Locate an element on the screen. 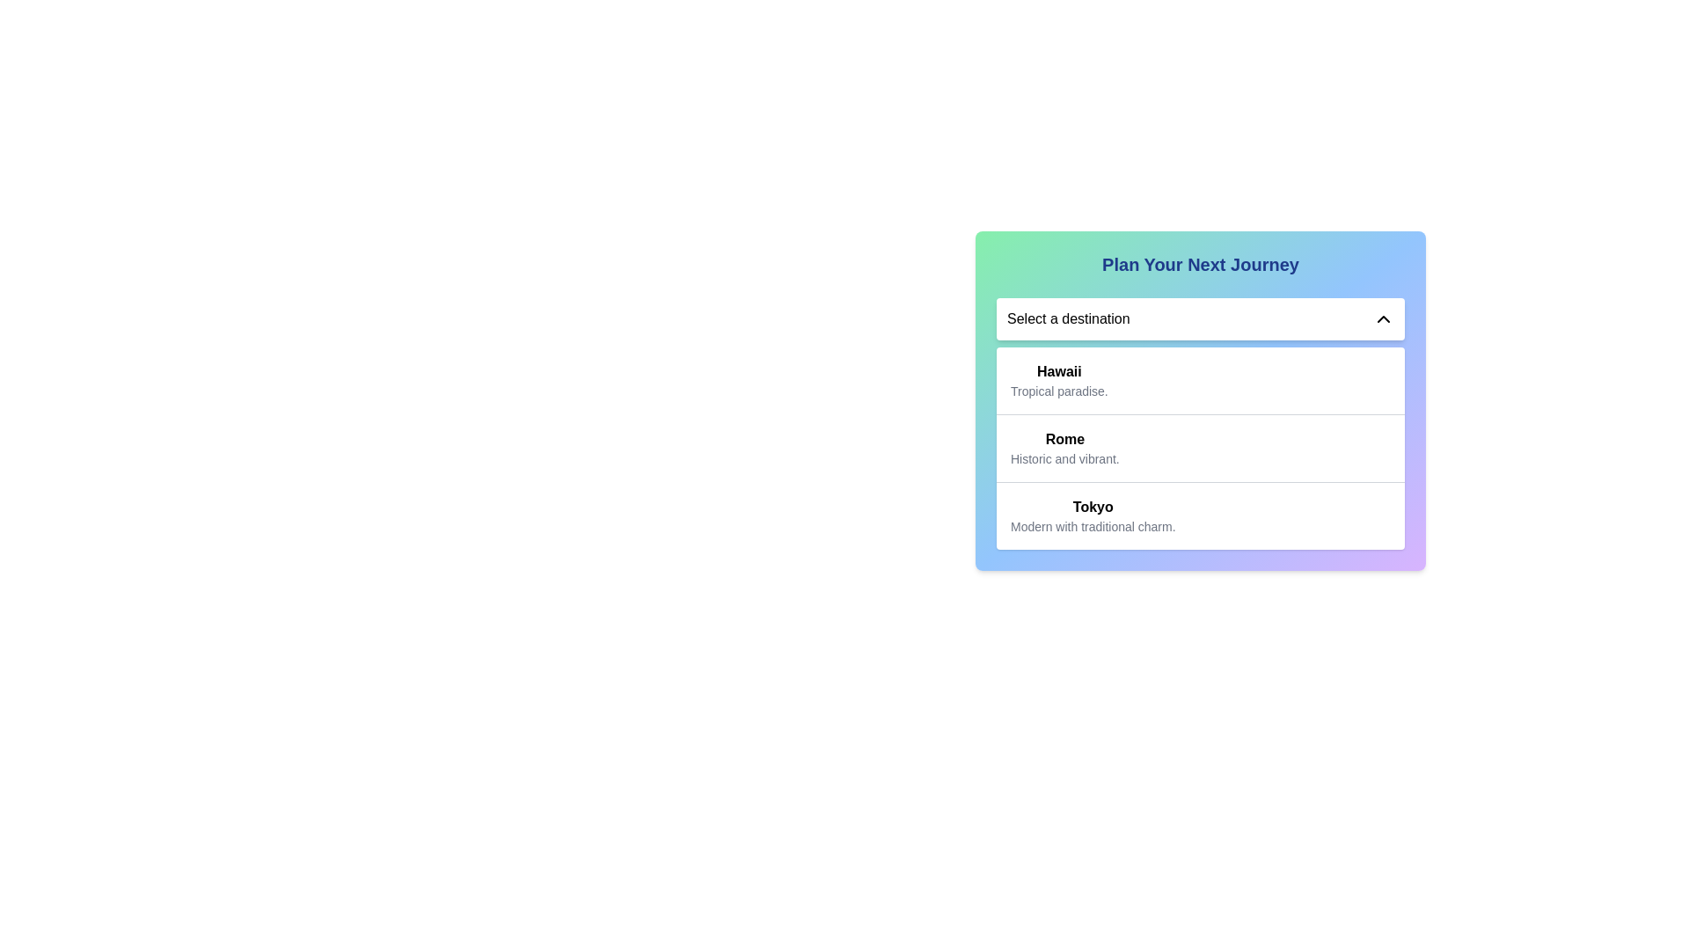 This screenshot has width=1689, height=950. the first entry of the drop-down menu labeled 'Hawaii' is located at coordinates (1058, 379).